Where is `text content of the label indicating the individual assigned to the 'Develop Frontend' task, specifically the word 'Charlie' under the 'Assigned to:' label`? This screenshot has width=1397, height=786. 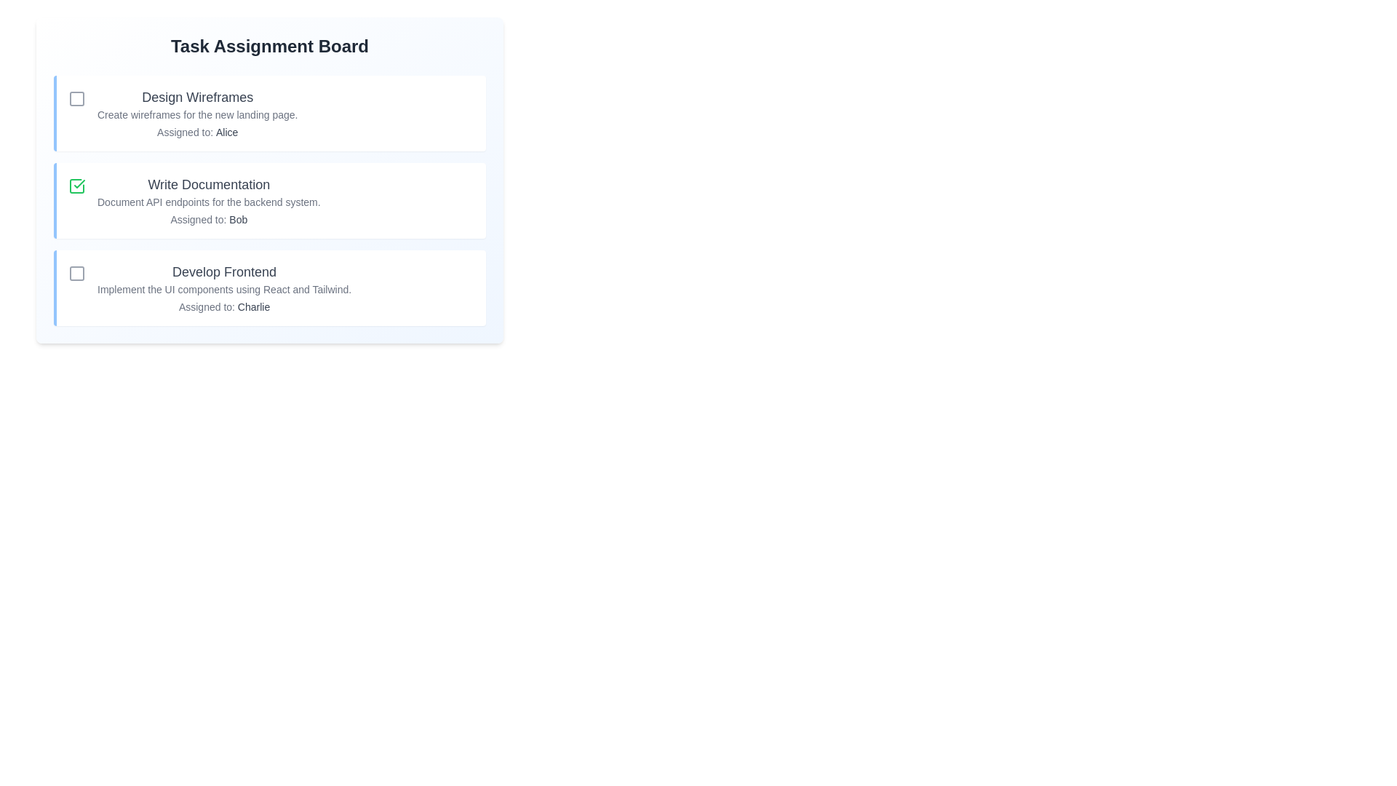
text content of the label indicating the individual assigned to the 'Develop Frontend' task, specifically the word 'Charlie' under the 'Assigned to:' label is located at coordinates (254, 306).